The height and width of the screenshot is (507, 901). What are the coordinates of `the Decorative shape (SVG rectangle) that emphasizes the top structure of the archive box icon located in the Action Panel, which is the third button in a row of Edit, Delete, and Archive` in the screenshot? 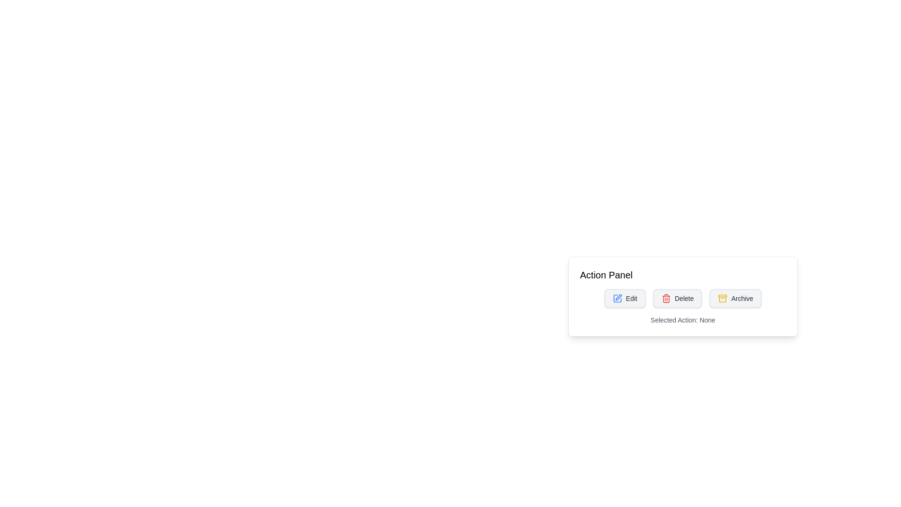 It's located at (722, 296).